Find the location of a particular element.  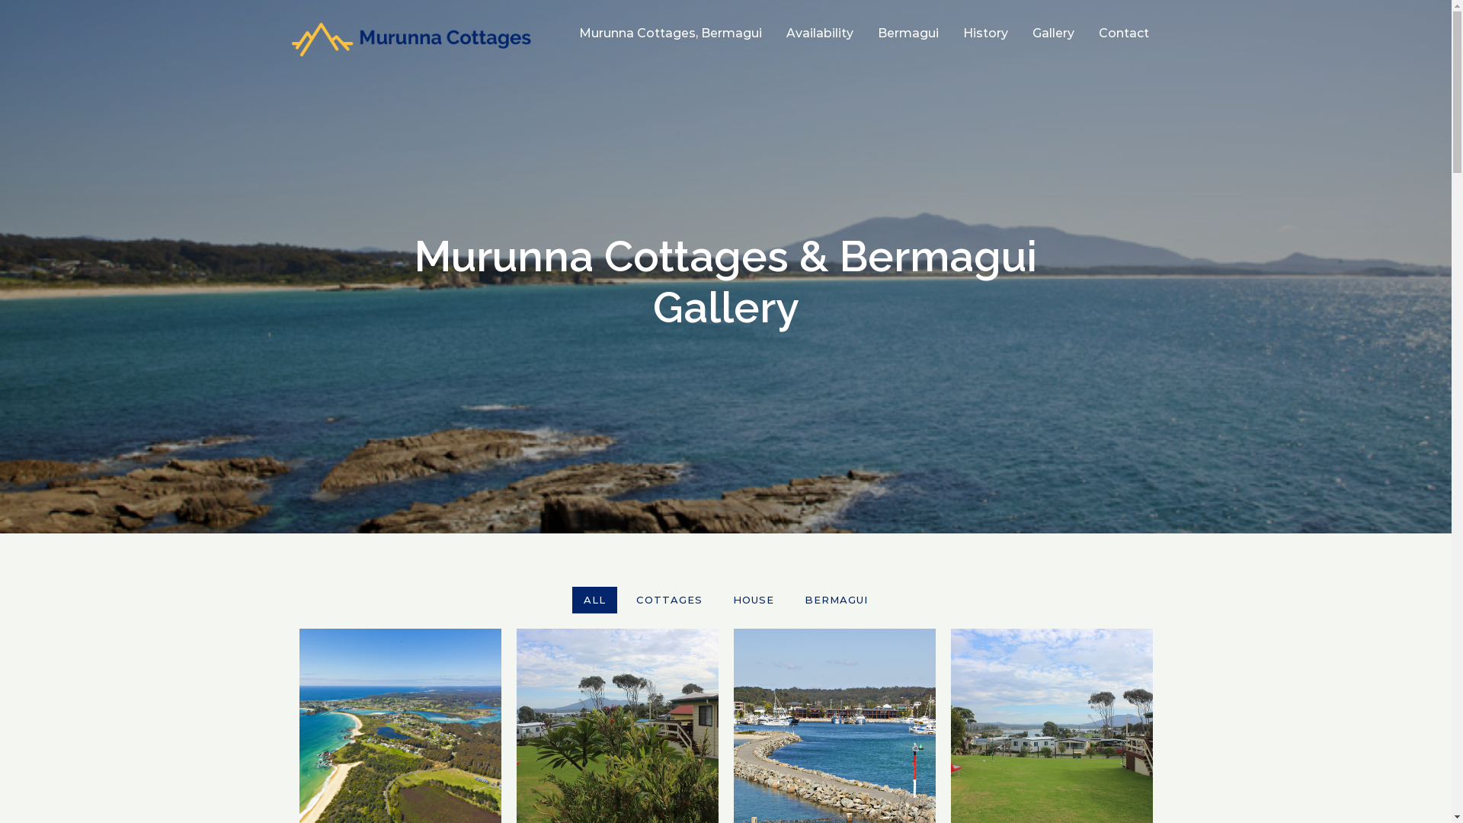

'History' is located at coordinates (985, 33).